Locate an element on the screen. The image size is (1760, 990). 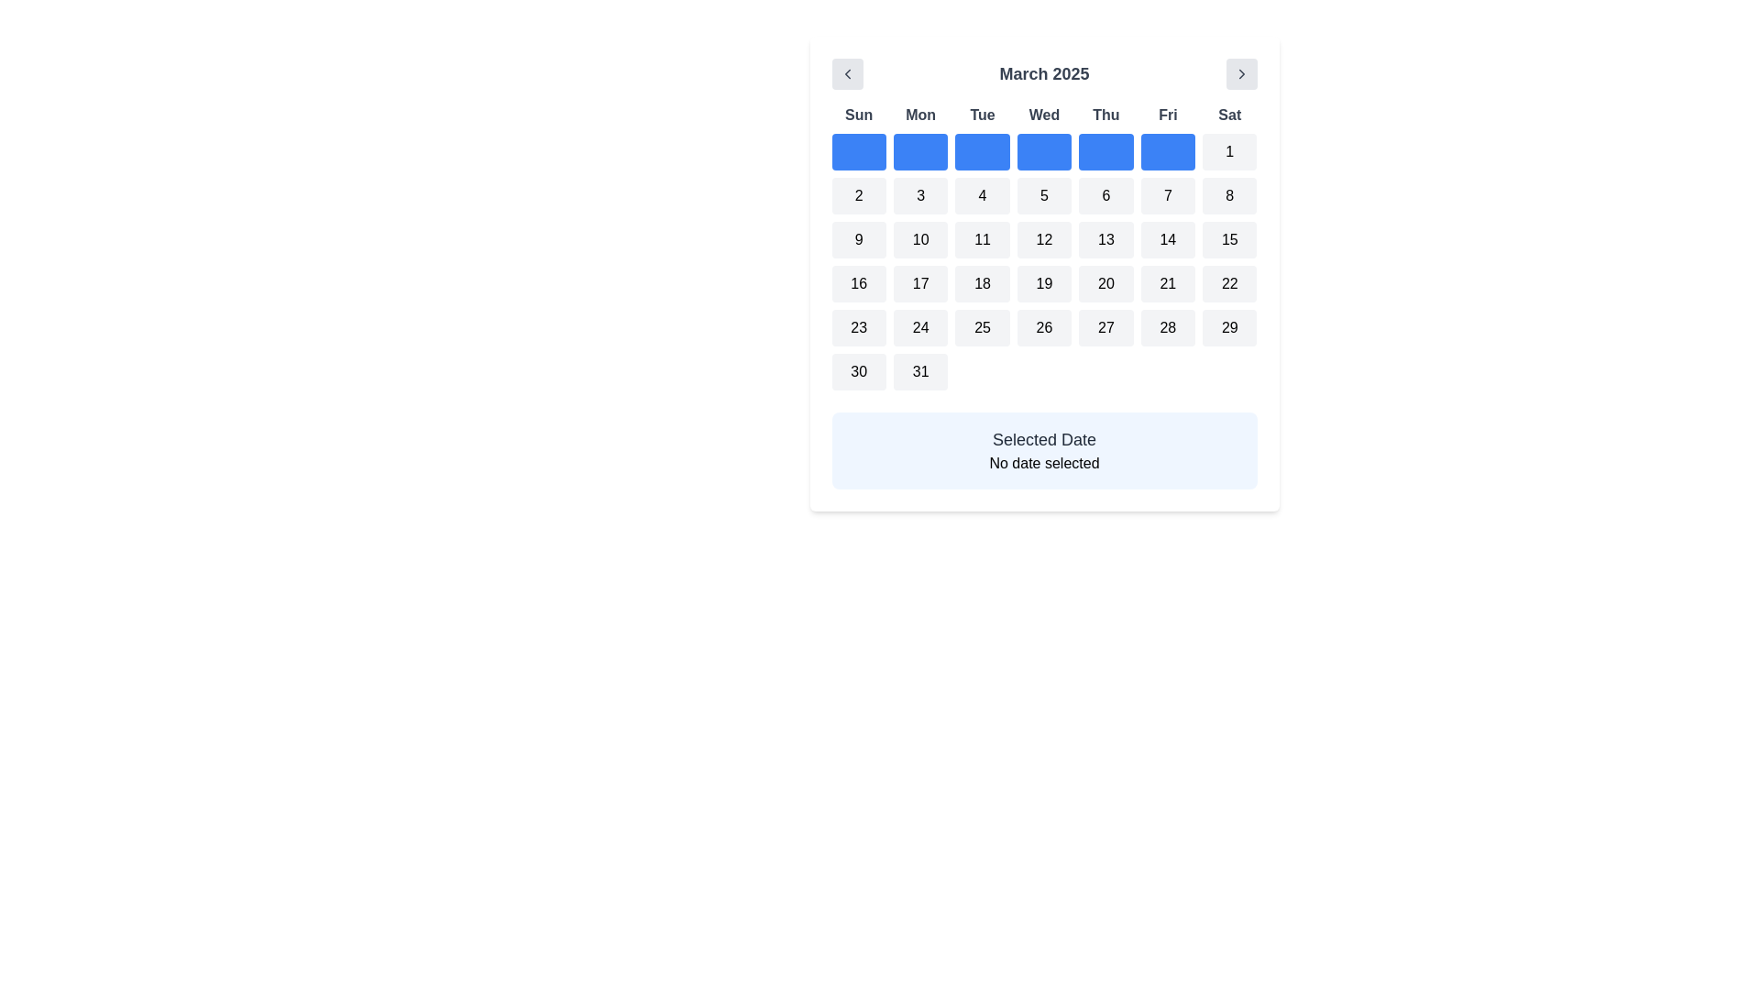
the Informational Panel, which has a light blue background and displays 'Selected Date' and 'No date selected' is located at coordinates (1044, 451).